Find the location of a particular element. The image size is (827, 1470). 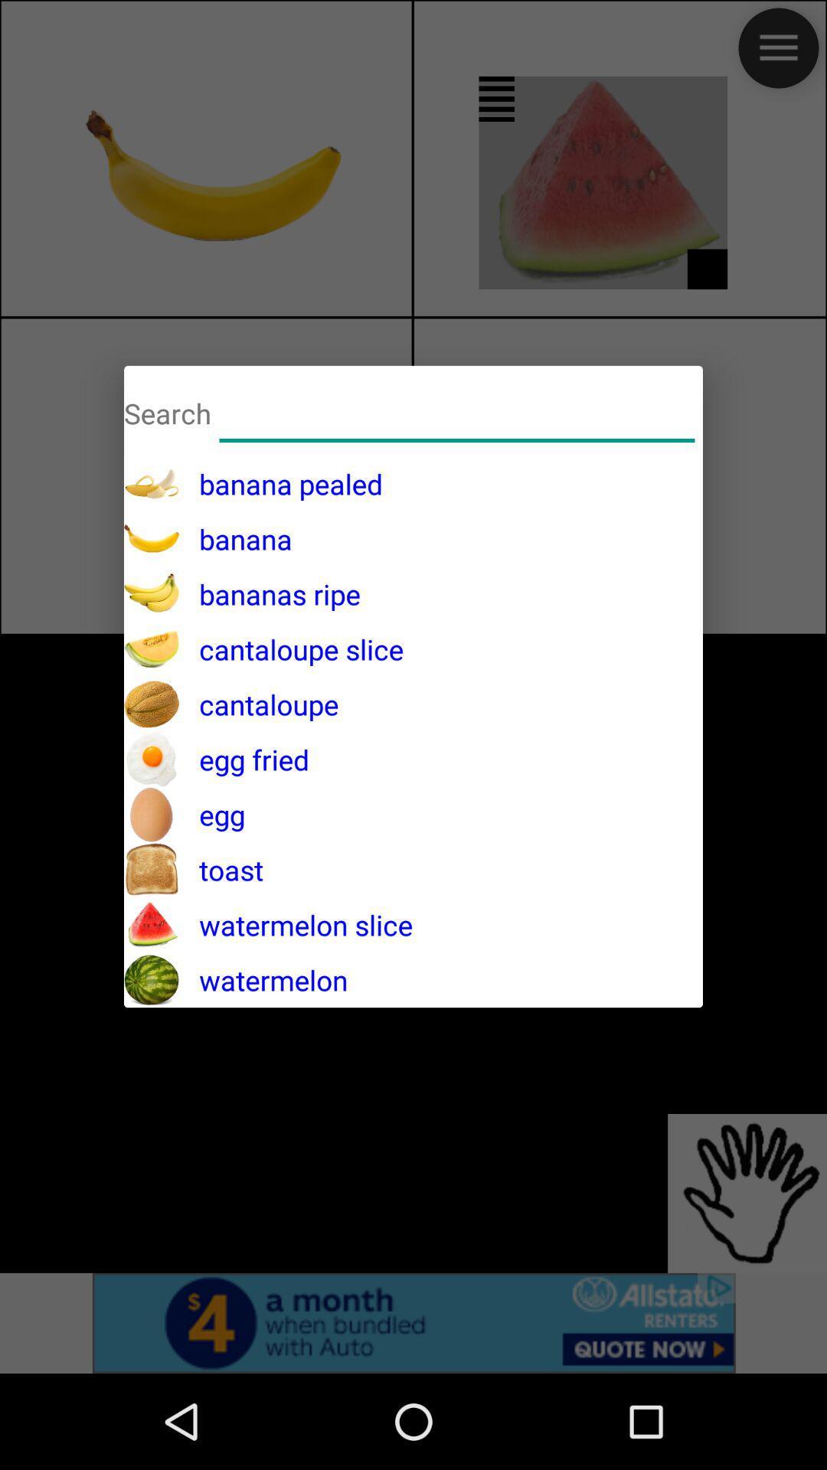

your search is located at coordinates (456, 411).